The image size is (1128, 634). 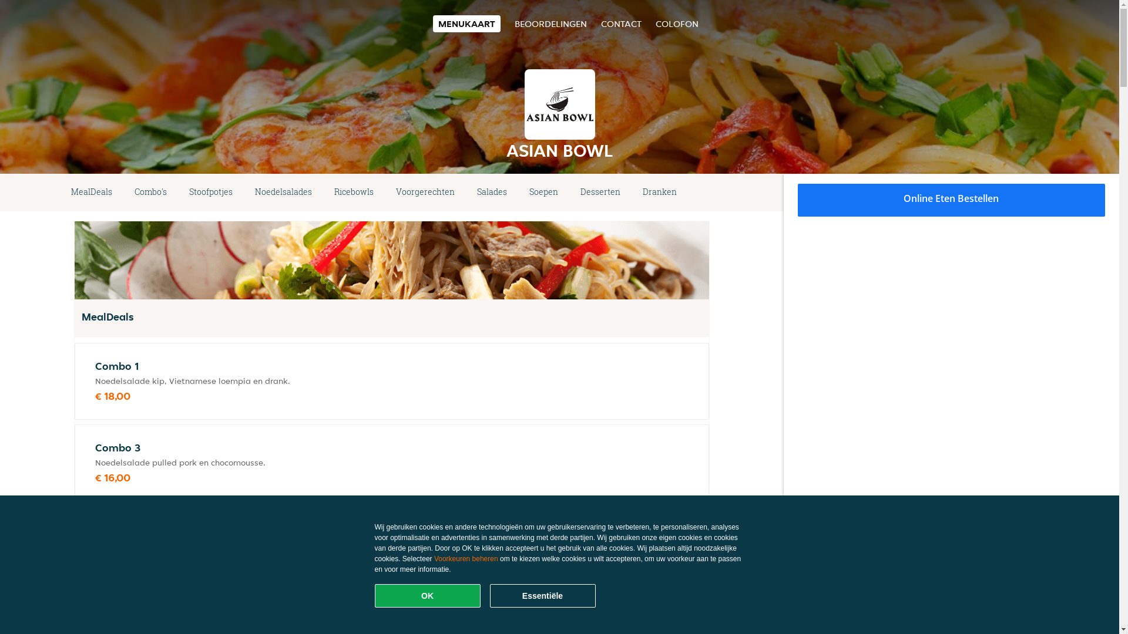 I want to click on 'Noedelsalades', so click(x=283, y=191).